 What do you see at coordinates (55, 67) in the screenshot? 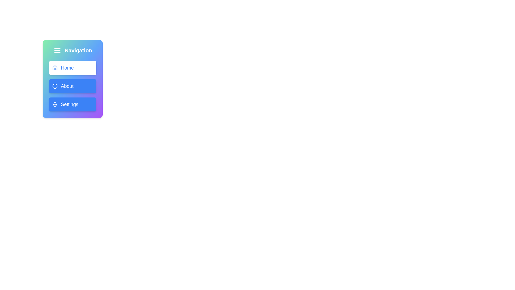
I see `the Vector icon (house shape) associated with the 'Home' button, which is the first button in the navigation panel below the title 'Navigation'` at bounding box center [55, 67].